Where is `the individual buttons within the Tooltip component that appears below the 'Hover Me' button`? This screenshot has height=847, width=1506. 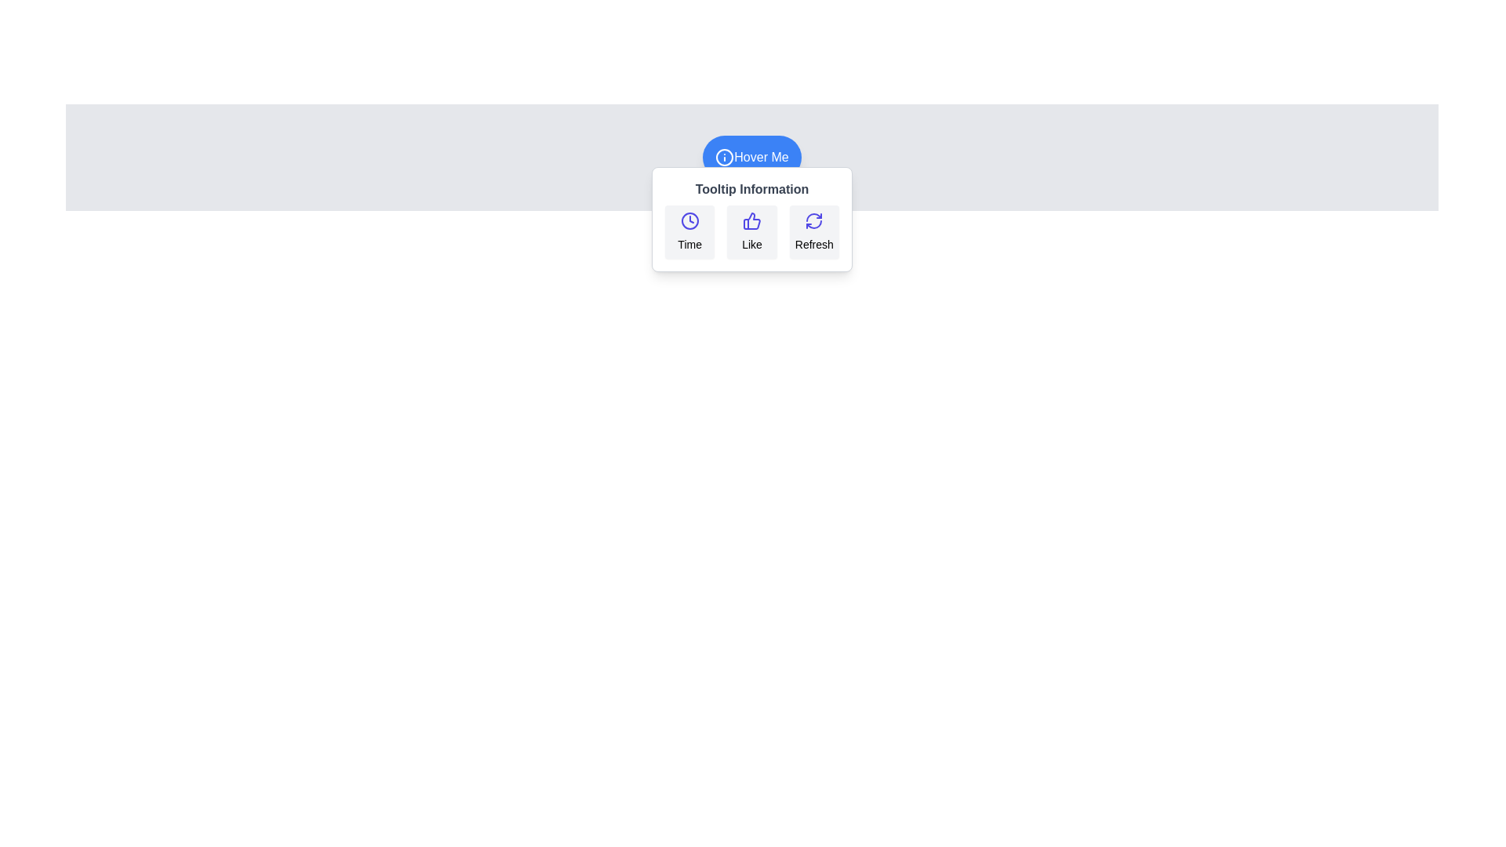 the individual buttons within the Tooltip component that appears below the 'Hover Me' button is located at coordinates (751, 220).